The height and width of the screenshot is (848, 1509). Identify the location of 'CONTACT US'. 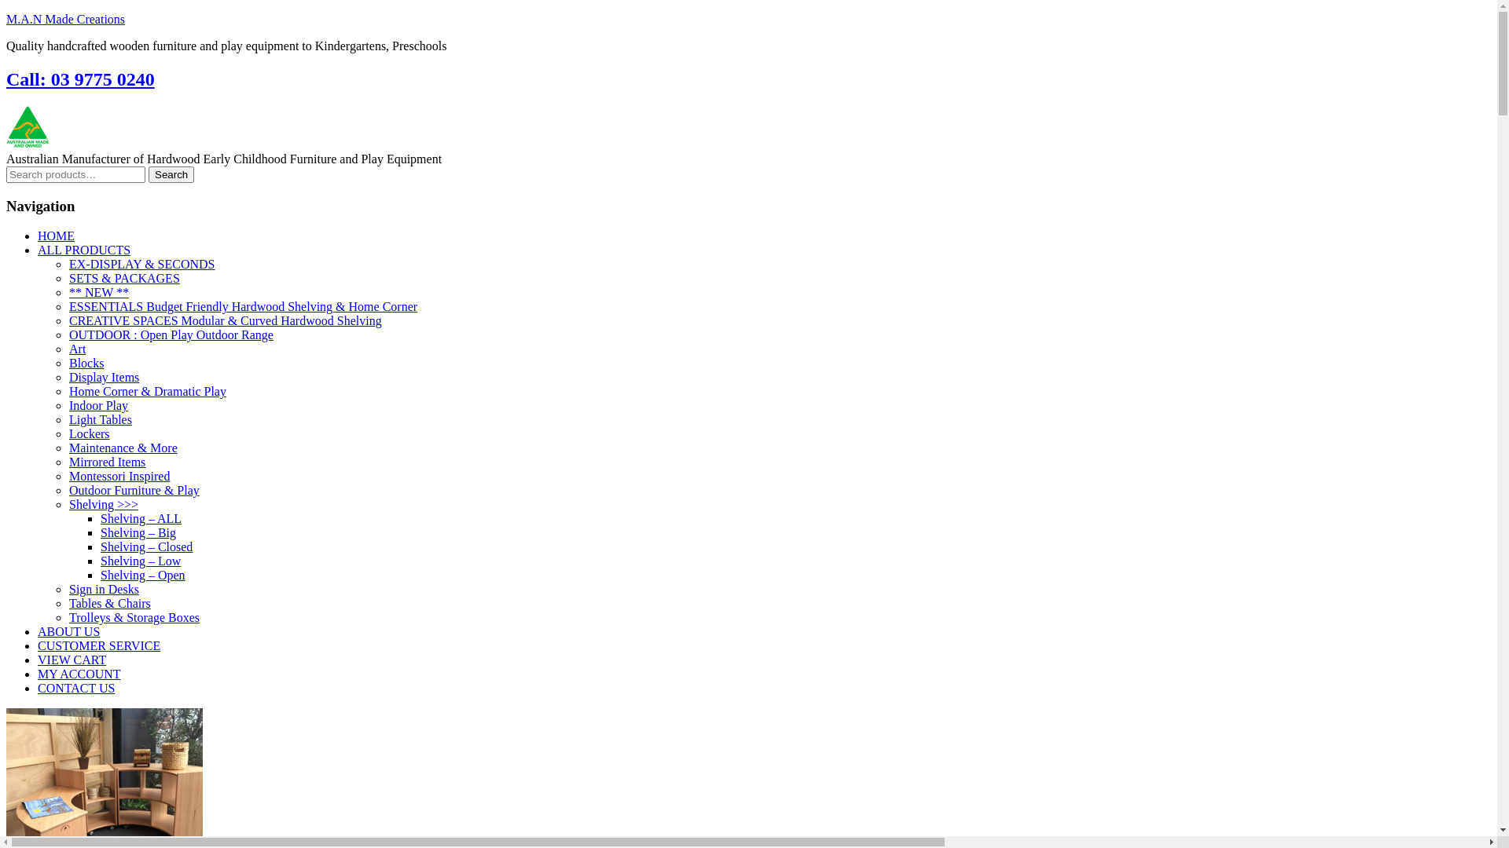
(75, 687).